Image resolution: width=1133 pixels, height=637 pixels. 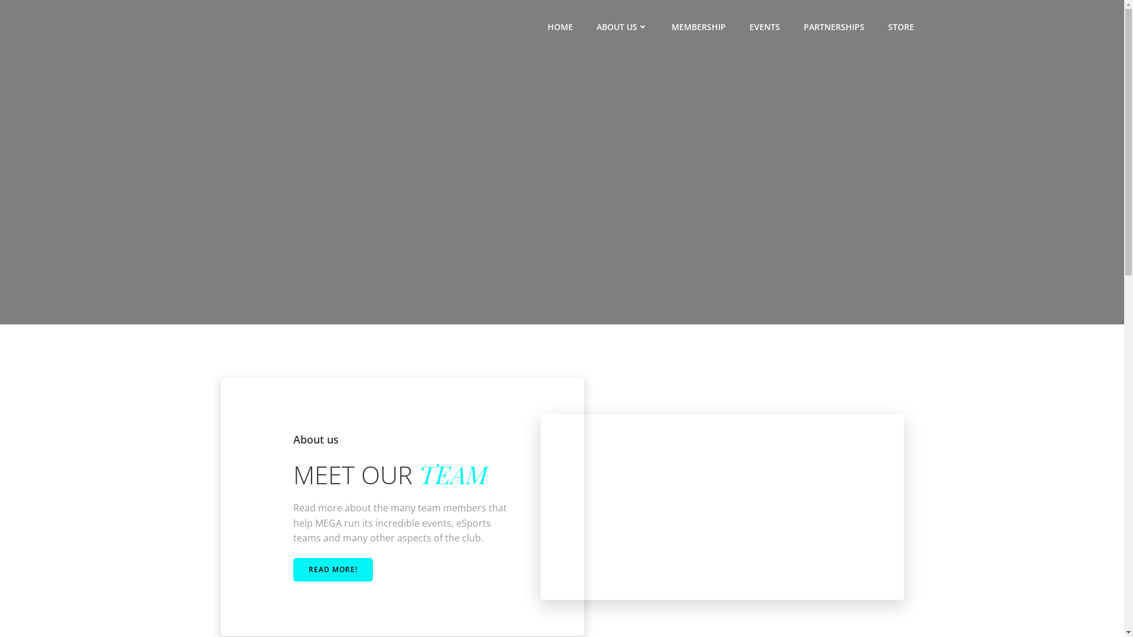 What do you see at coordinates (621, 26) in the screenshot?
I see `'ABOUT US'` at bounding box center [621, 26].